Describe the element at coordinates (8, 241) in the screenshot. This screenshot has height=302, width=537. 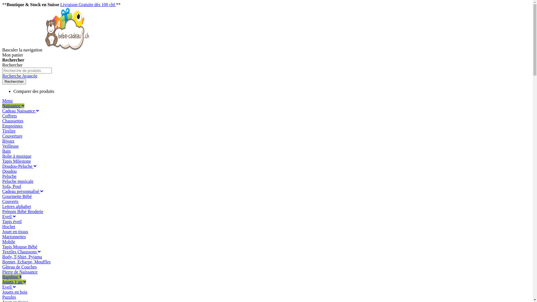
I see `'Mobile'` at that location.